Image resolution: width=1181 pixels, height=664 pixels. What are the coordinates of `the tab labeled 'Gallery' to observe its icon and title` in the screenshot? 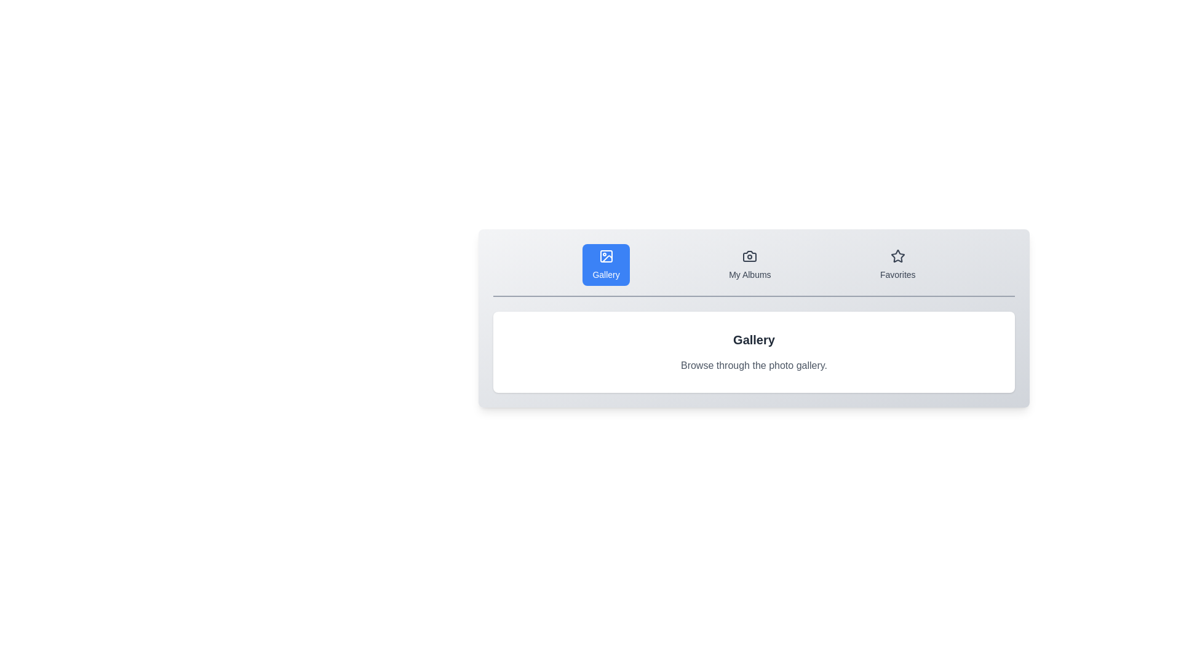 It's located at (606, 264).